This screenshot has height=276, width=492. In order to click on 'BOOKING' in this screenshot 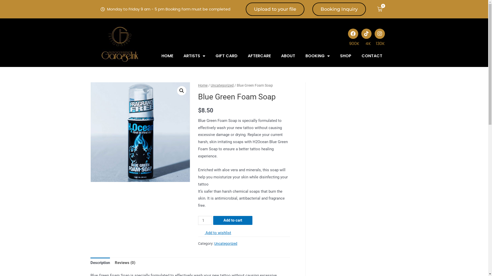, I will do `click(317, 56)`.